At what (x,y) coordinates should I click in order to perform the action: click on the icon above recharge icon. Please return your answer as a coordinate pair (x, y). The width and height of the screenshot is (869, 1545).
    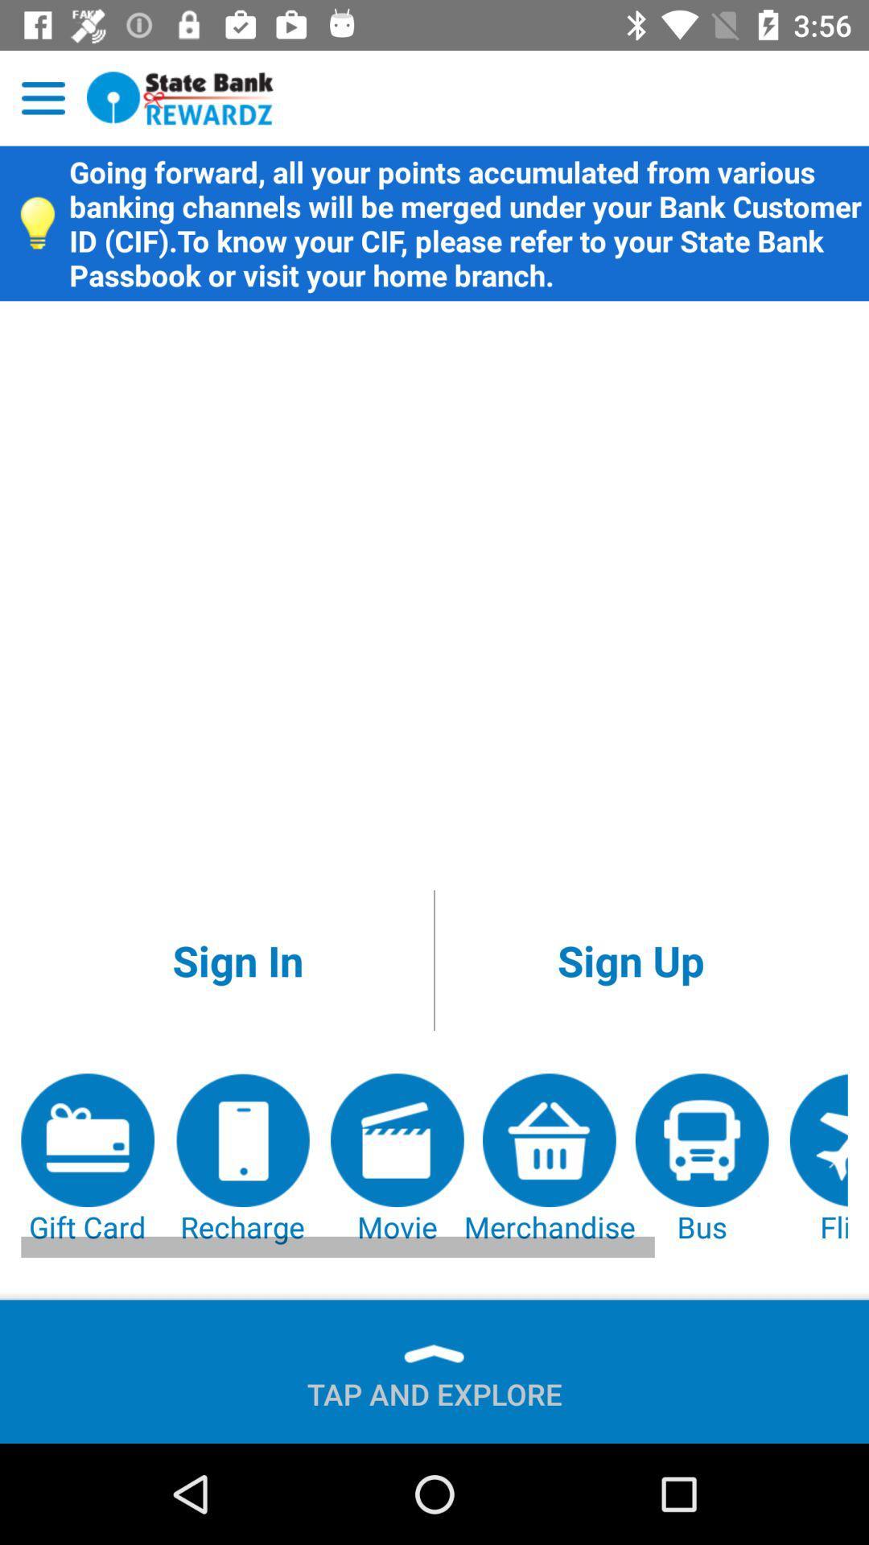
    Looking at the image, I should click on (237, 960).